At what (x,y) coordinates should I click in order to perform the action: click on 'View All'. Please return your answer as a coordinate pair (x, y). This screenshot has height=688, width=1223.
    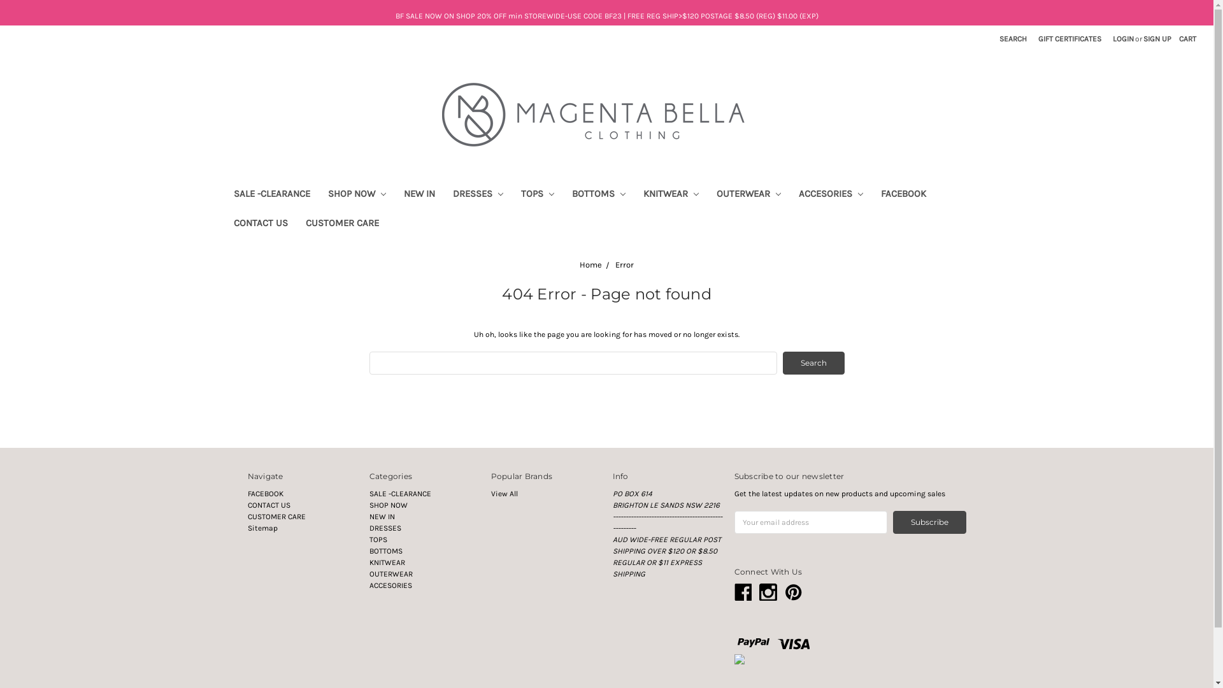
    Looking at the image, I should click on (503, 493).